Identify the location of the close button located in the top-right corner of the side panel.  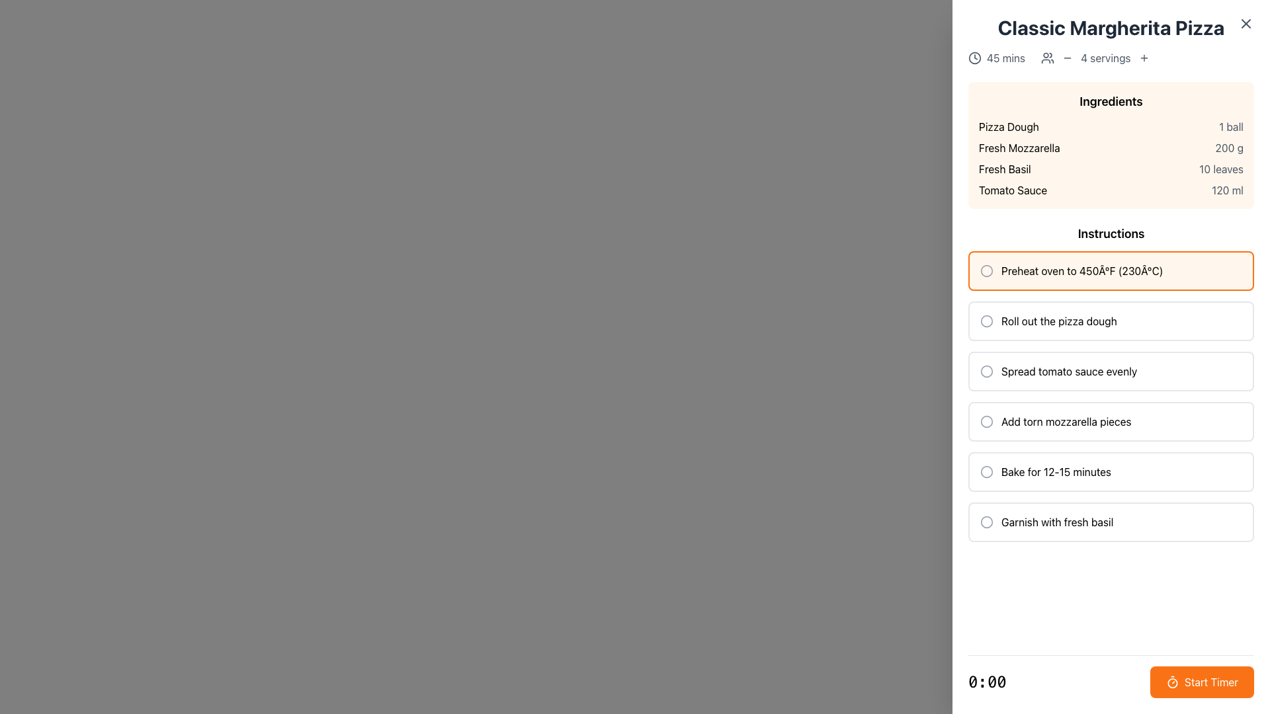
(1245, 23).